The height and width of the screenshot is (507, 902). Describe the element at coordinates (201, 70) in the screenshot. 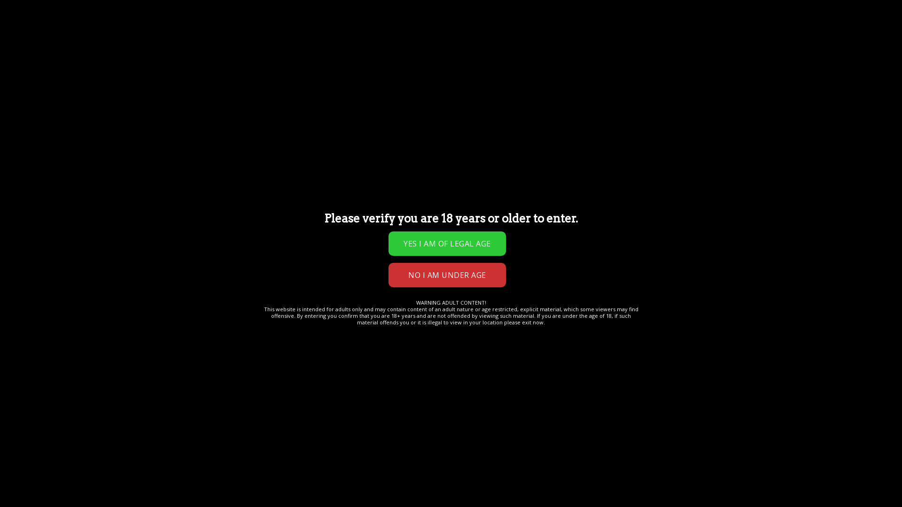

I see `'DETOX'` at that location.